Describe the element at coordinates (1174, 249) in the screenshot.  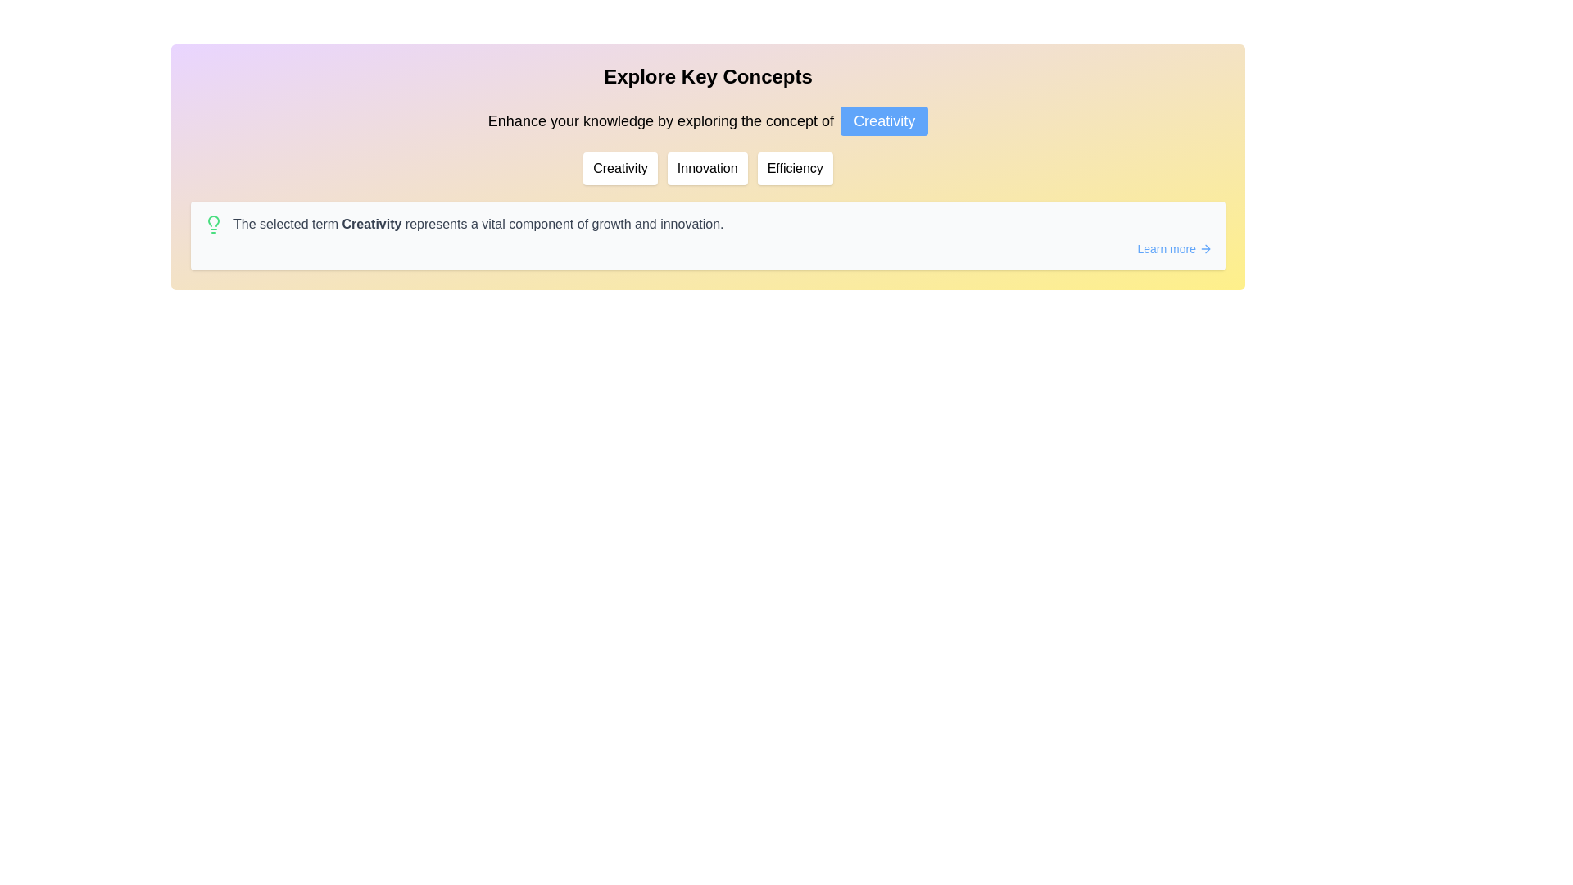
I see `the interactive text link 'Learn more' to visualize potential styling effects` at that location.